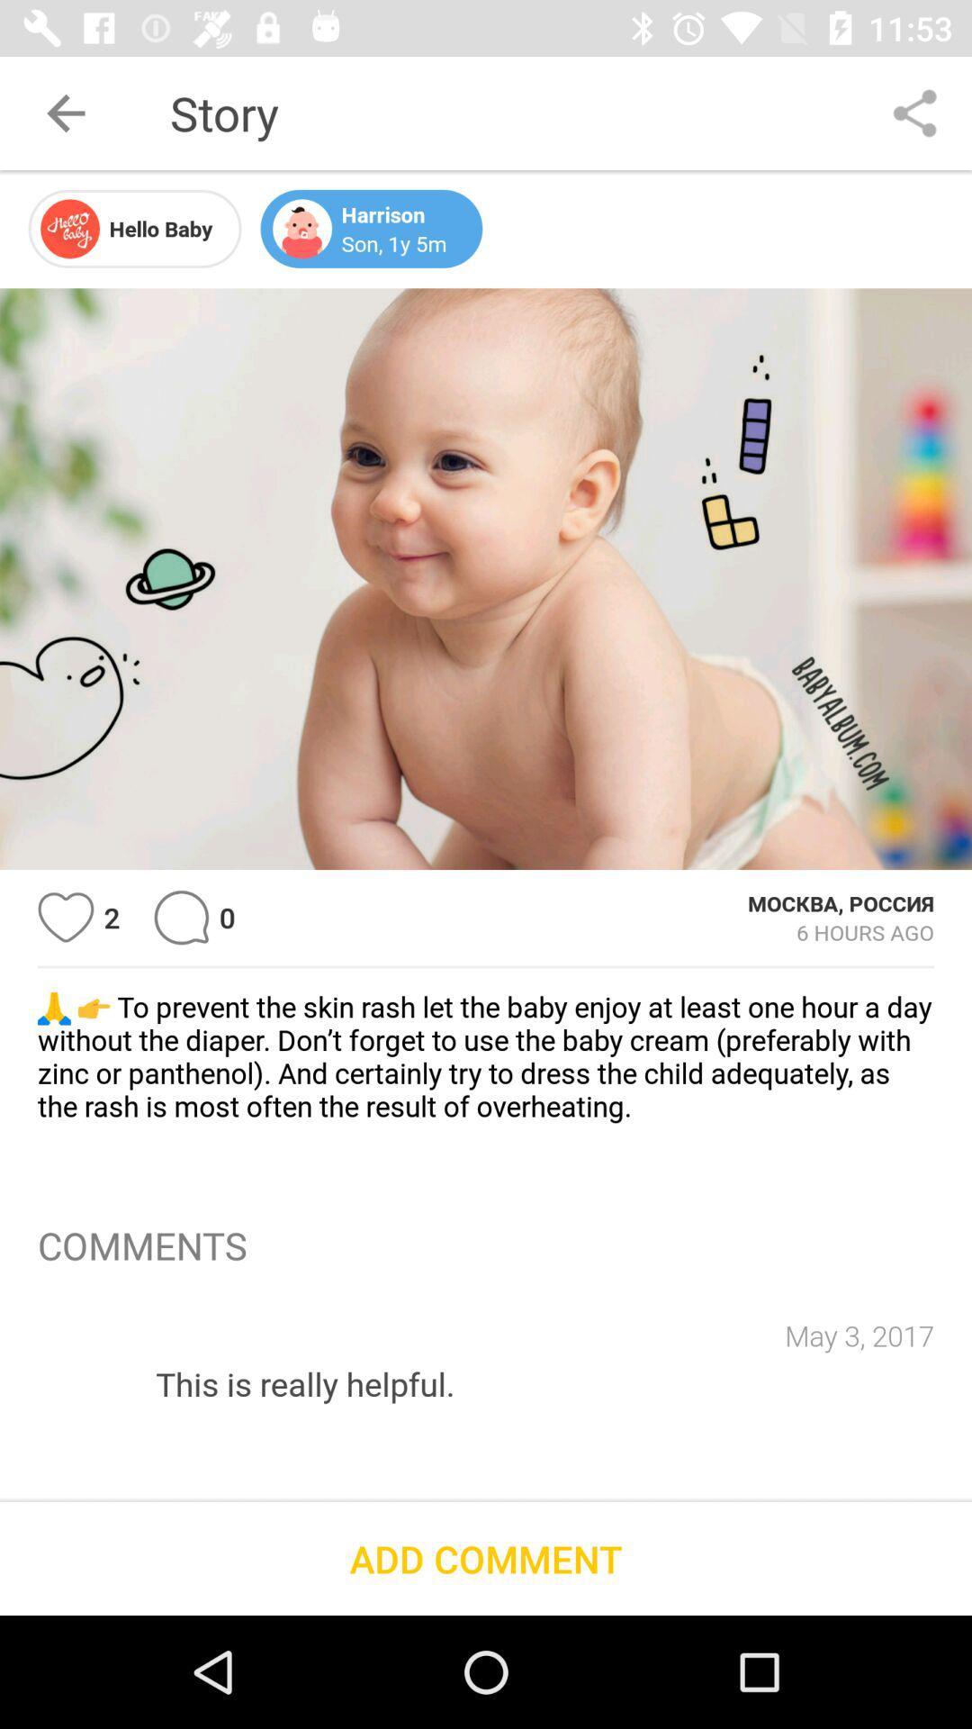  Describe the element at coordinates (65, 918) in the screenshot. I see `the favorite icon` at that location.